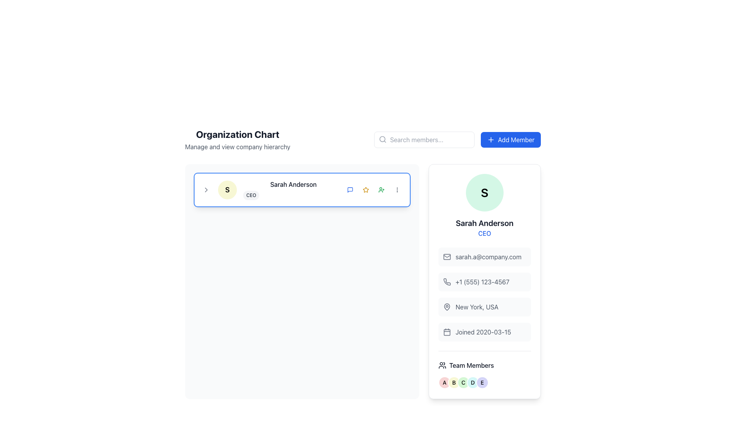 The width and height of the screenshot is (753, 423). Describe the element at coordinates (237, 134) in the screenshot. I see `the text element displaying 'Organization Chart', which is prominently positioned in the upper portion of the interface` at that location.